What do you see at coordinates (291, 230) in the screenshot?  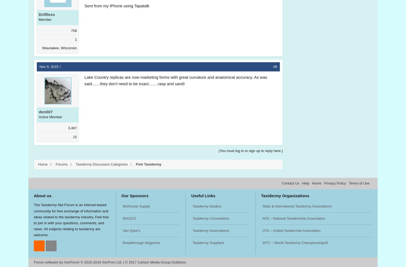 I see `'UTA – United Taxidermist Association'` at bounding box center [291, 230].